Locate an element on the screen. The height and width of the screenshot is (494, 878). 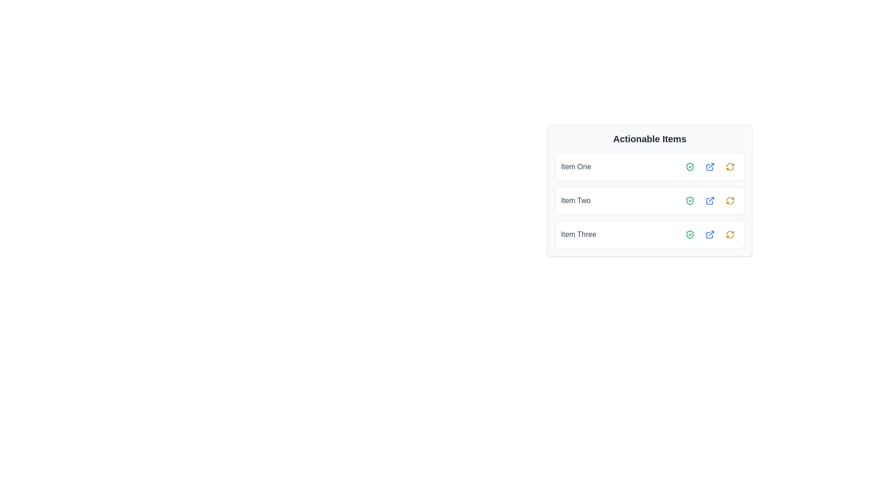
the first External link icon button located to the right of the text 'Item One' in the 'Actionable Items' section is located at coordinates (710, 167).